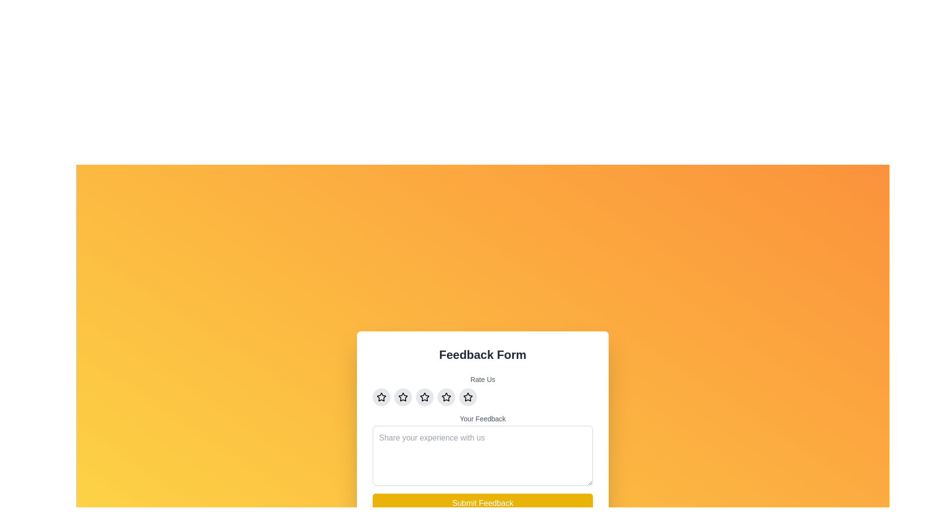 The width and height of the screenshot is (944, 531). What do you see at coordinates (381, 396) in the screenshot?
I see `the first star icon in the rating button located at the top-center of the feedback form` at bounding box center [381, 396].